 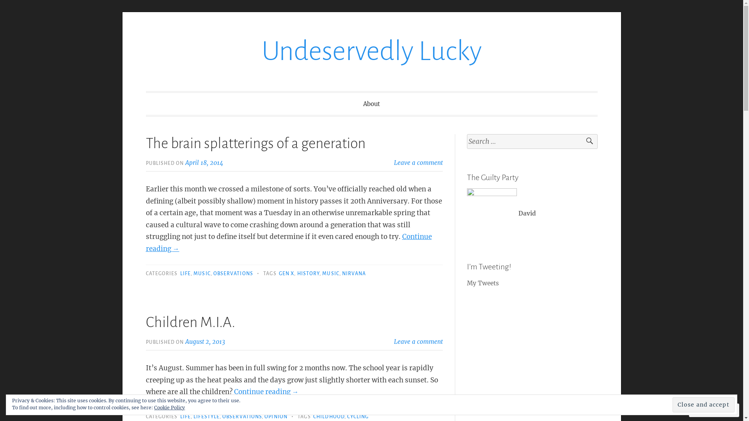 What do you see at coordinates (353, 273) in the screenshot?
I see `'NIRVANA'` at bounding box center [353, 273].